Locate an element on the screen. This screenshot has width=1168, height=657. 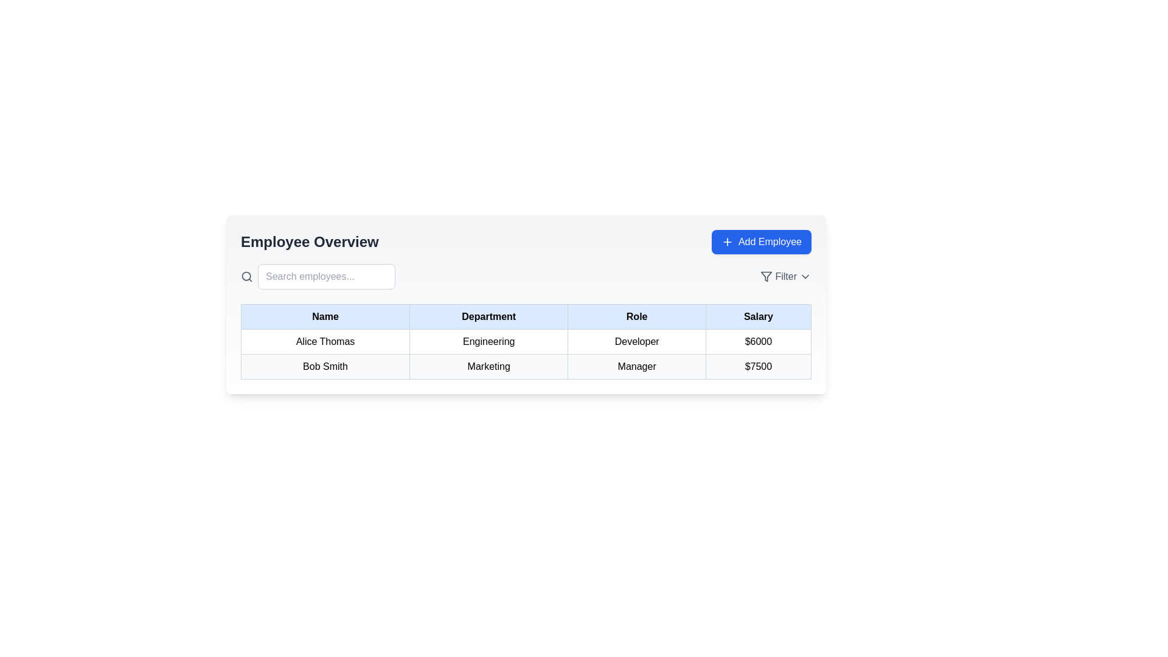
the Table Header Cell displaying 'Role', which is the third column header in the table header row is located at coordinates (636, 316).